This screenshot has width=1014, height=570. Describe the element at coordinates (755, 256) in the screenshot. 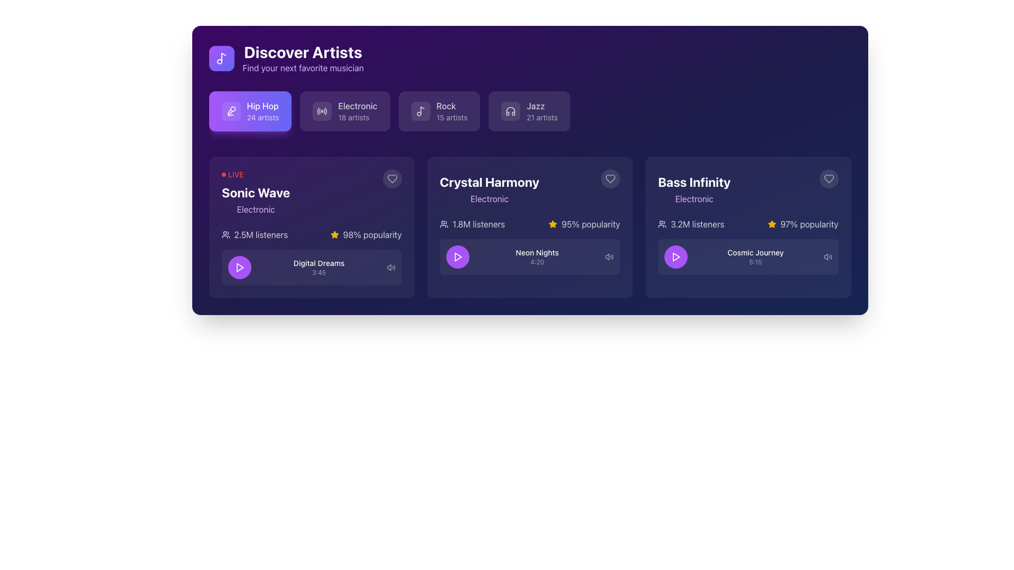

I see `text content displayed in the Text block for the musical track title and duration, located inside the 'Bass Infinity' card, beneath the purple play button and above the volume icon` at that location.